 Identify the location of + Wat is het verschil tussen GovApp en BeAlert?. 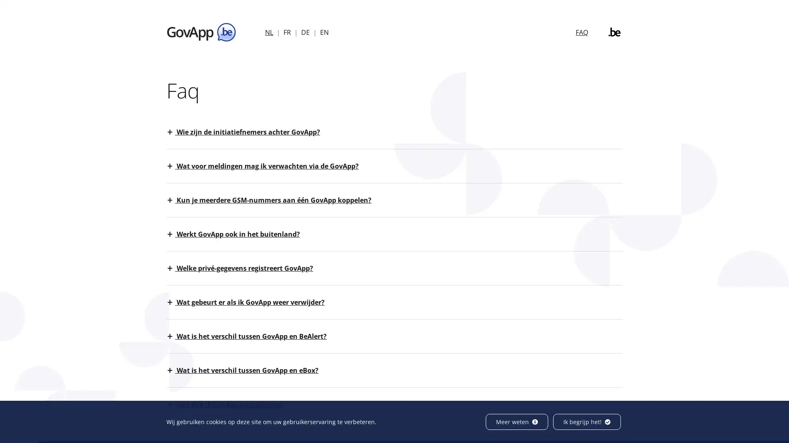
(251, 336).